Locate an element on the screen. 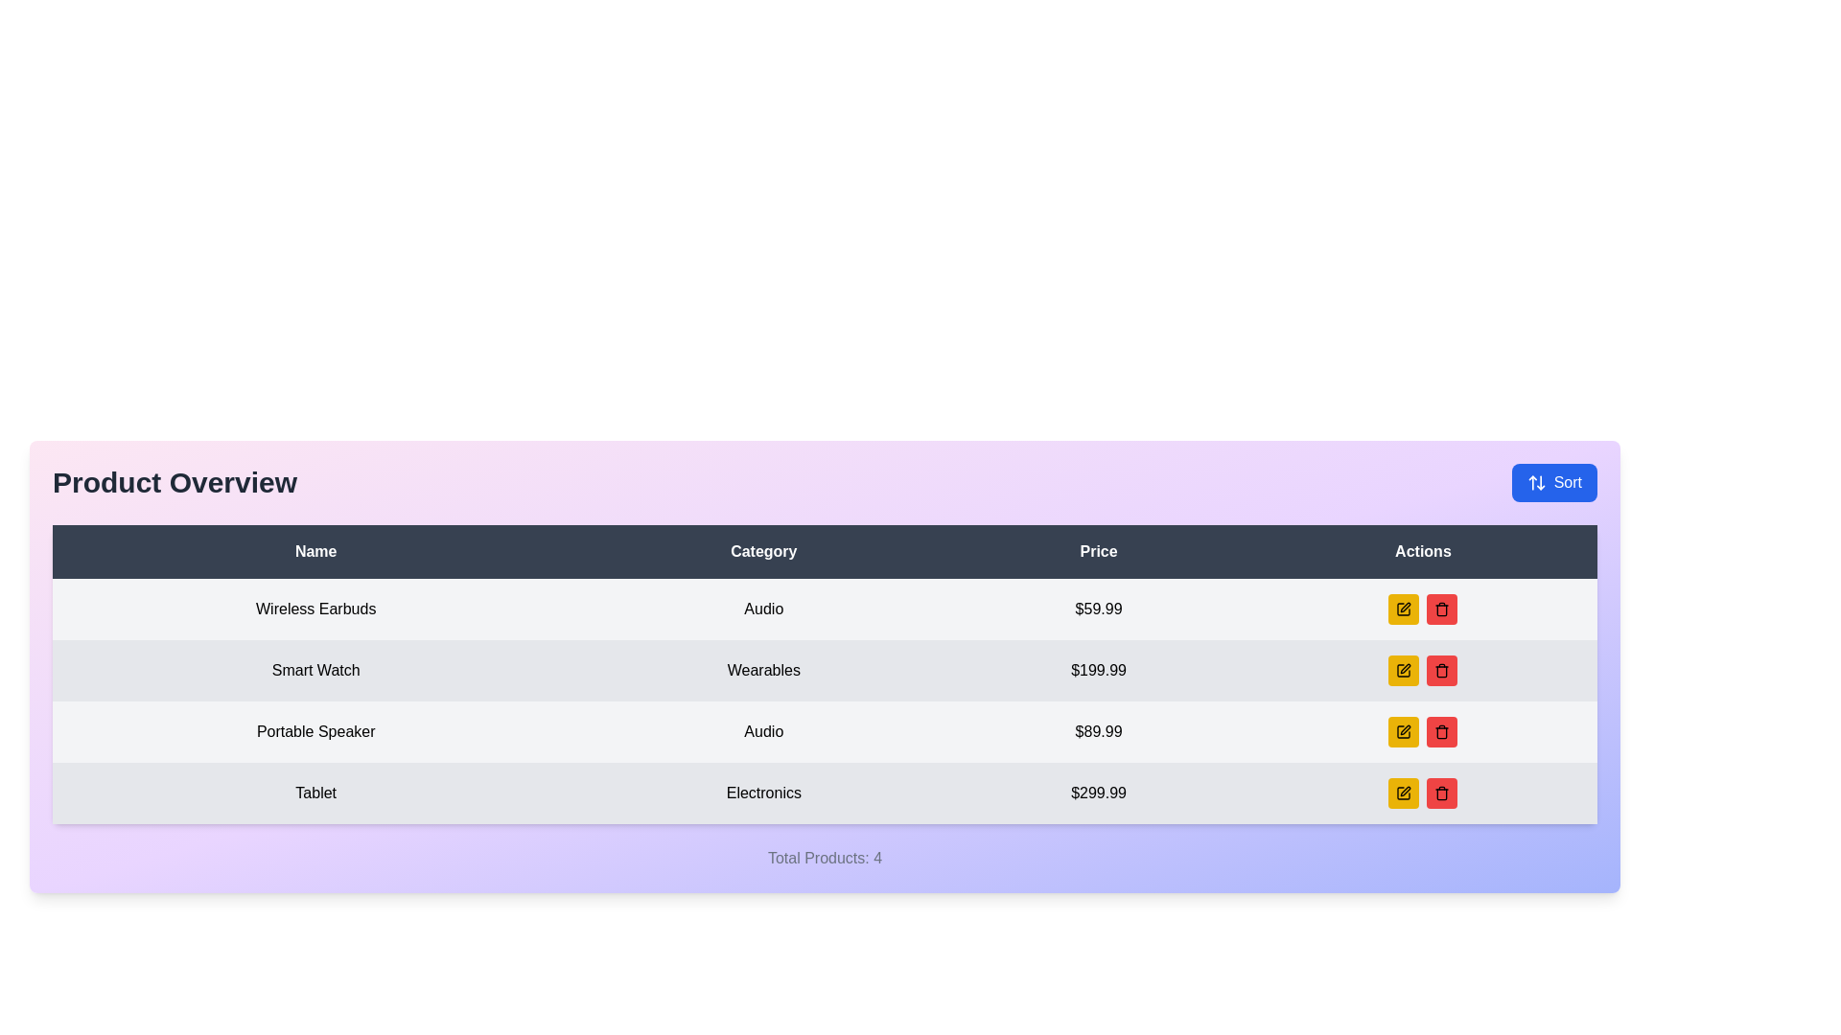 Image resolution: width=1841 pixels, height=1035 pixels. the delete action button represented by a trash bin icon located in the third row under the 'Actions' column of the table is located at coordinates (1442, 609).